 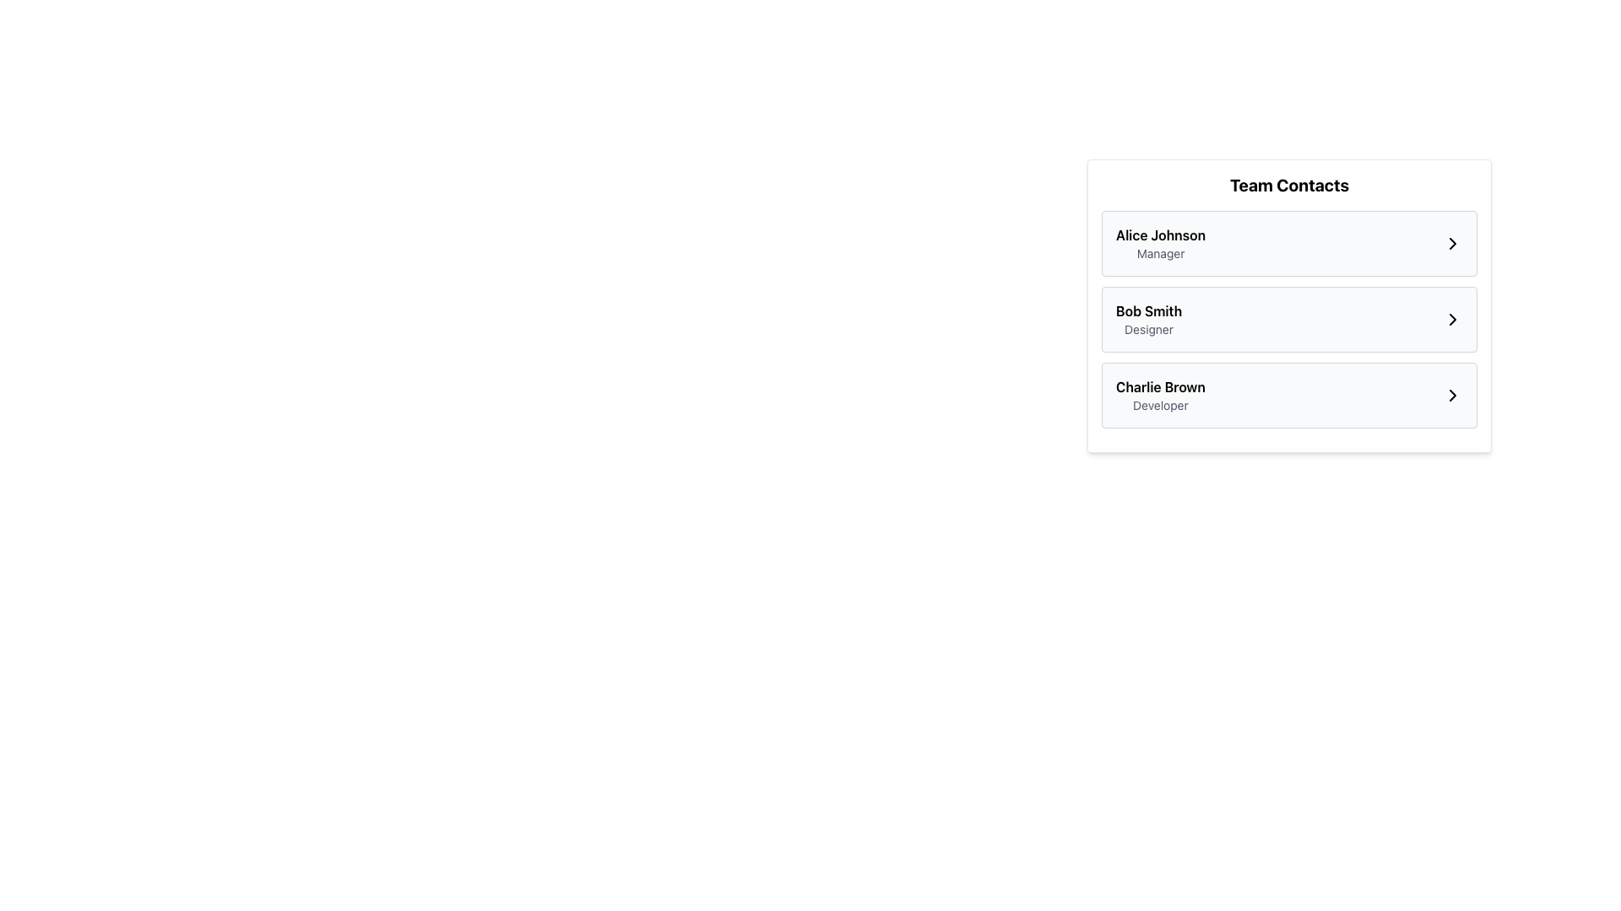 What do you see at coordinates (1160, 244) in the screenshot?
I see `the first element in the vertical list inside the 'Team Contacts' card that displays the name and title of a team contact` at bounding box center [1160, 244].